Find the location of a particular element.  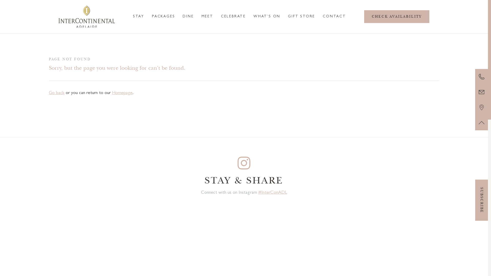

'MEET' is located at coordinates (207, 16).